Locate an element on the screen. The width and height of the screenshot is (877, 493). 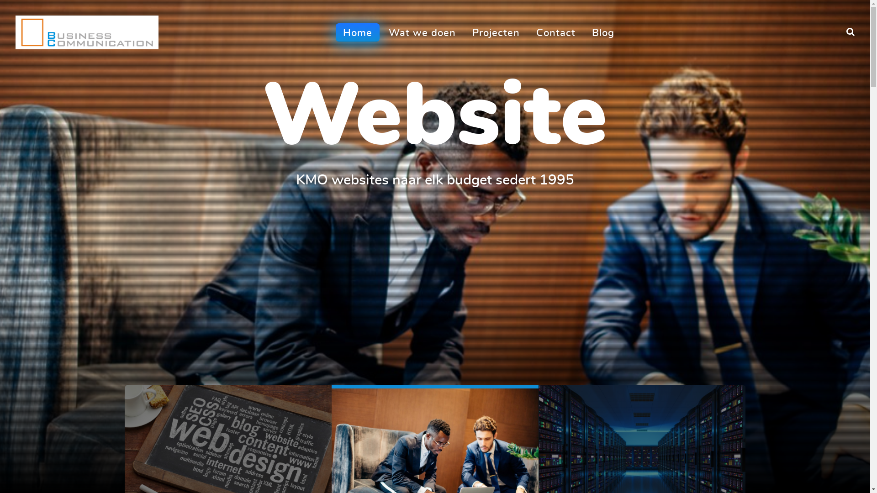
'Projecten' is located at coordinates (495, 31).